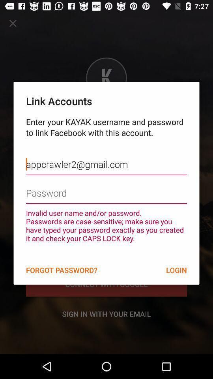 The width and height of the screenshot is (213, 379). What do you see at coordinates (61, 270) in the screenshot?
I see `item below invalid user name icon` at bounding box center [61, 270].